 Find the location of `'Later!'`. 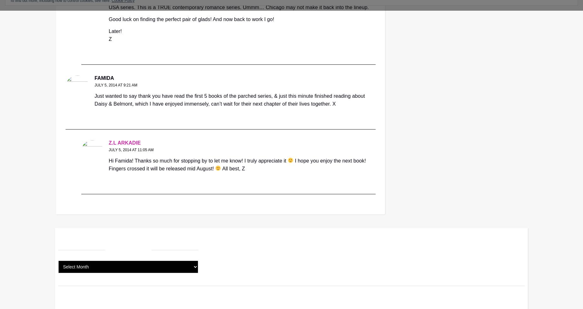

'Later!' is located at coordinates (115, 31).